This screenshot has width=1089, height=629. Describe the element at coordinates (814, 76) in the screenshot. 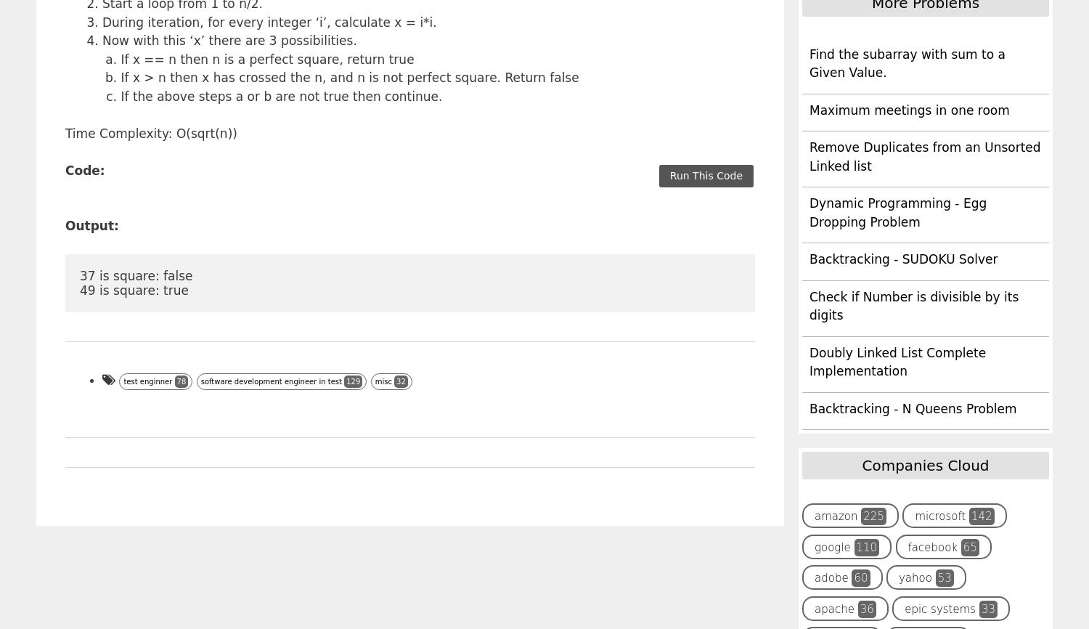

I see `'queue'` at that location.